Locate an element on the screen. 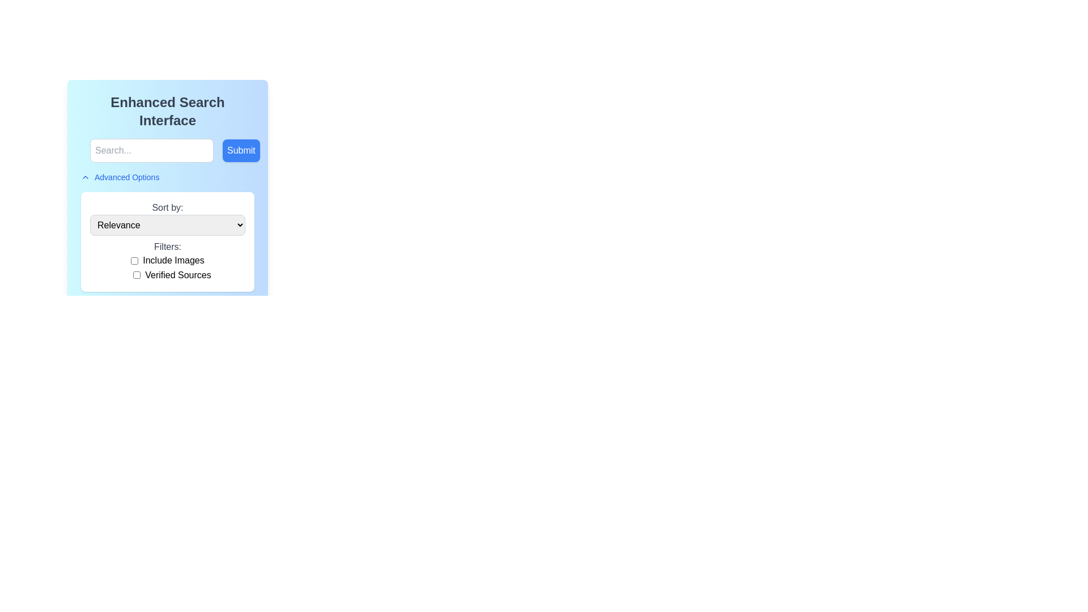  the 'Include Images' checkbox located is located at coordinates (134, 260).